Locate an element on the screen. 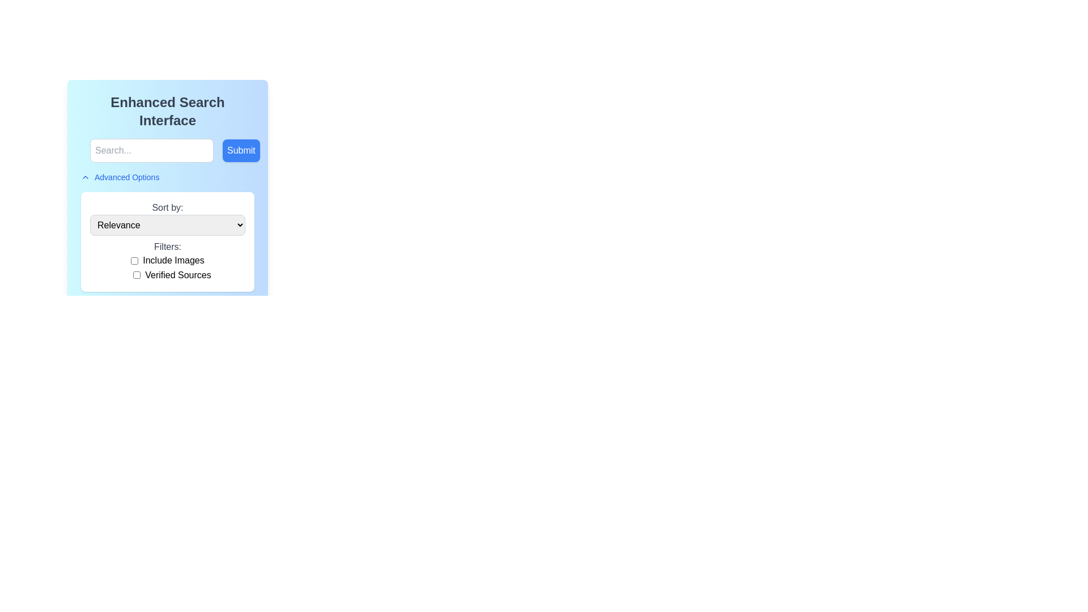  the 'Include Images' checkbox located is located at coordinates (134, 260).